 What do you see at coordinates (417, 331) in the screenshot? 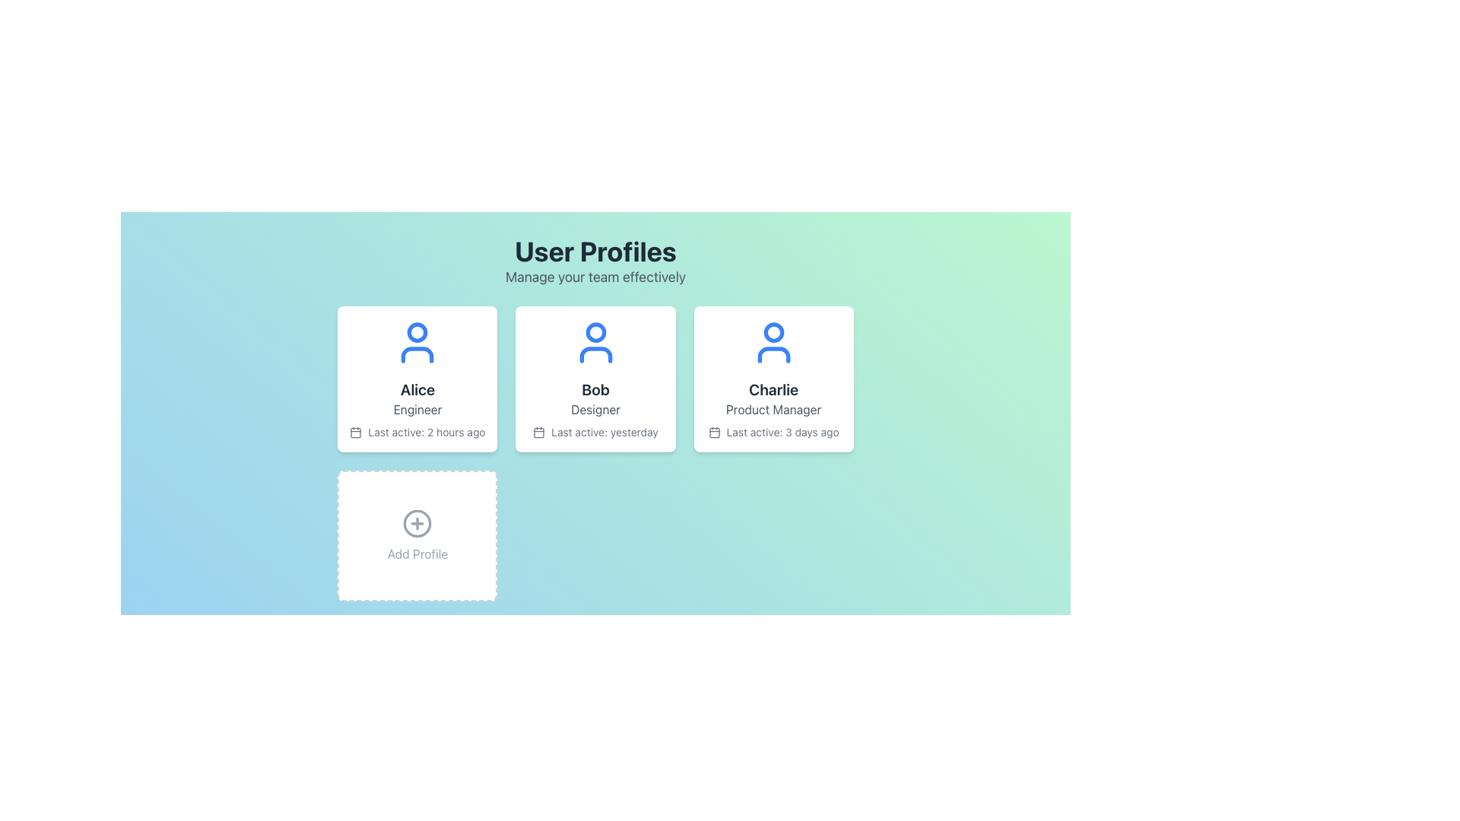
I see `the small circular shape representing the head of the user figure icon for Alice in the user profile grid` at bounding box center [417, 331].